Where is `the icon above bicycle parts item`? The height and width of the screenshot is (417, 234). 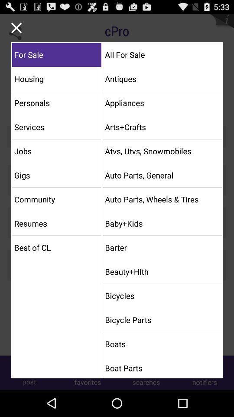 the icon above bicycle parts item is located at coordinates (162, 296).